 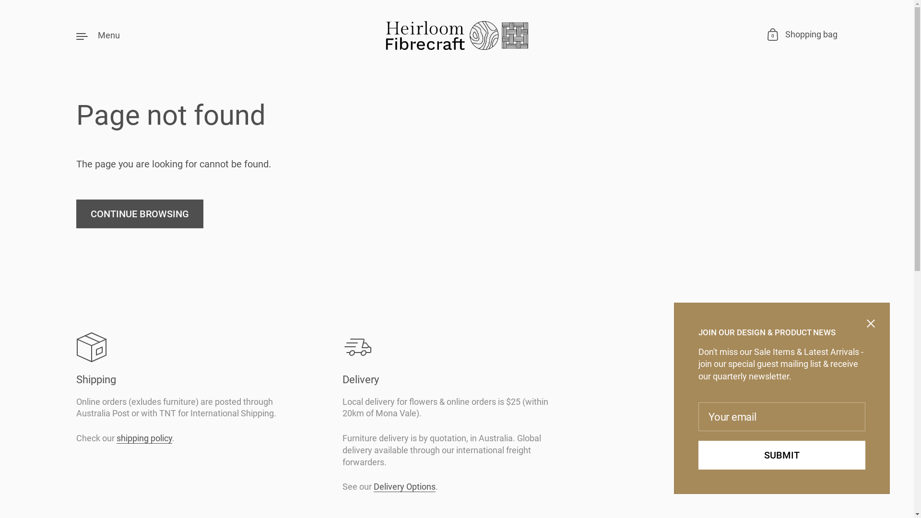 I want to click on '0, so click(x=803, y=35).